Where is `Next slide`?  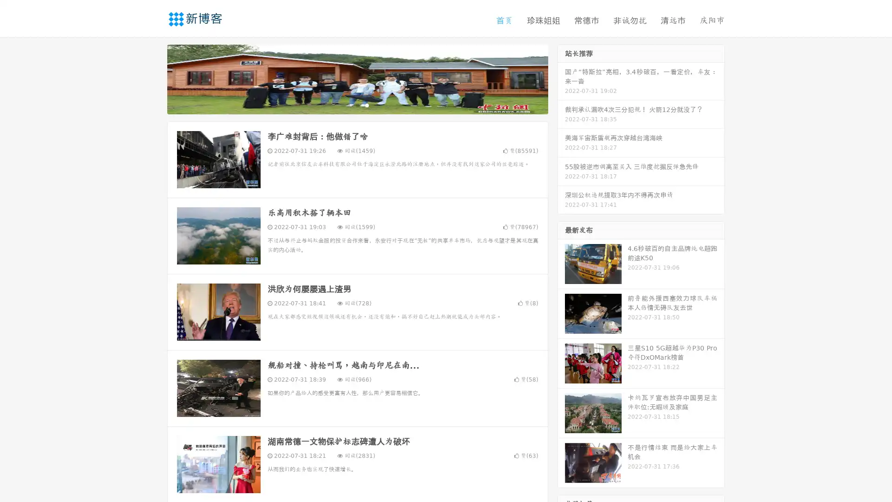
Next slide is located at coordinates (561, 78).